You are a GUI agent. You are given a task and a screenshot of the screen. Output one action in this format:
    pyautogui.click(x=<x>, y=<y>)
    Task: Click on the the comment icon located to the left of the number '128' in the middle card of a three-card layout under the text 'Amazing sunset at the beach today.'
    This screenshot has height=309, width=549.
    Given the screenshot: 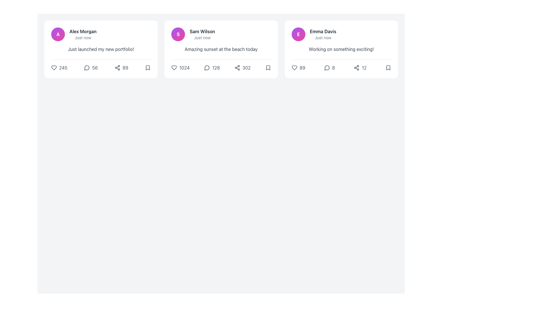 What is the action you would take?
    pyautogui.click(x=207, y=67)
    